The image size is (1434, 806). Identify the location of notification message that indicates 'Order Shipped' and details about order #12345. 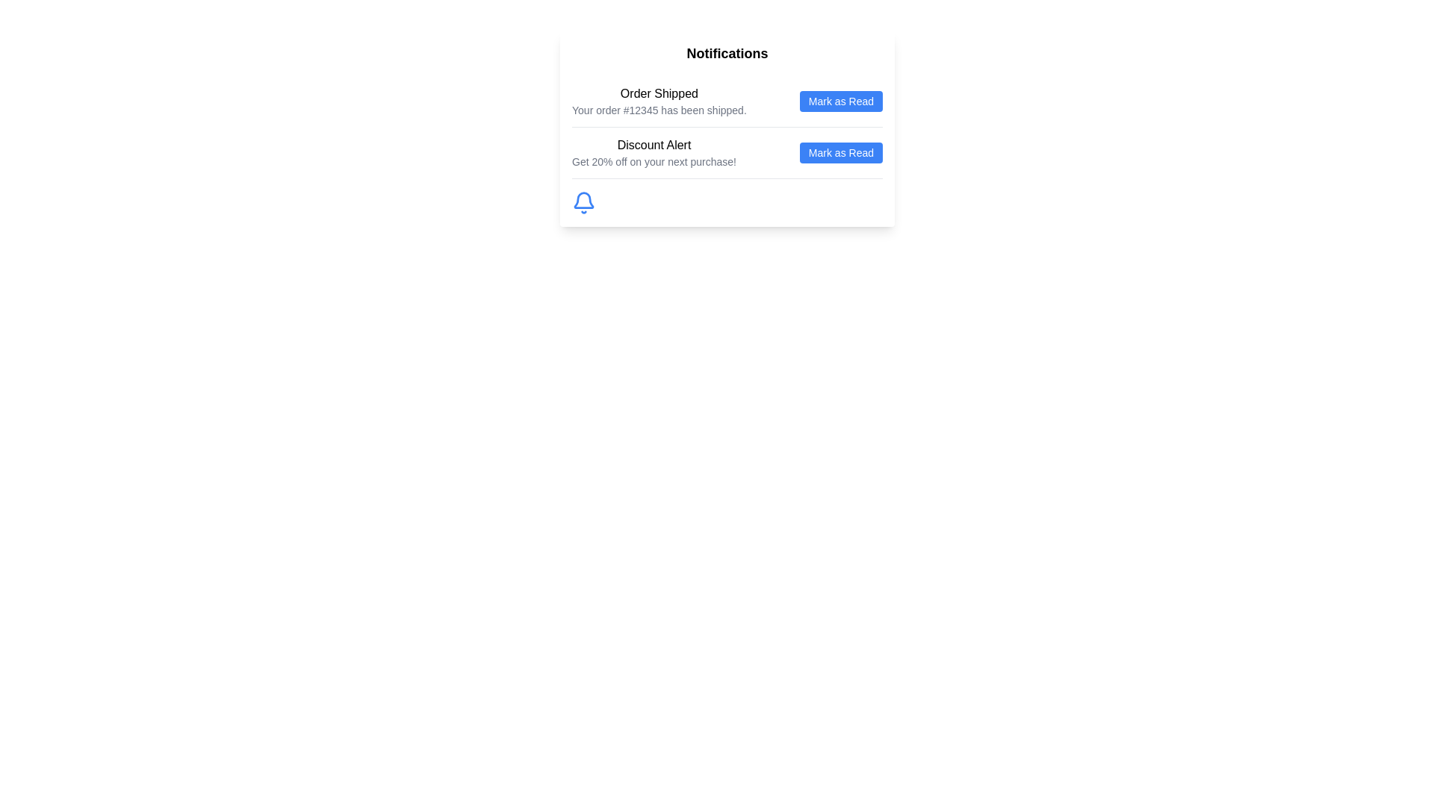
(658, 101).